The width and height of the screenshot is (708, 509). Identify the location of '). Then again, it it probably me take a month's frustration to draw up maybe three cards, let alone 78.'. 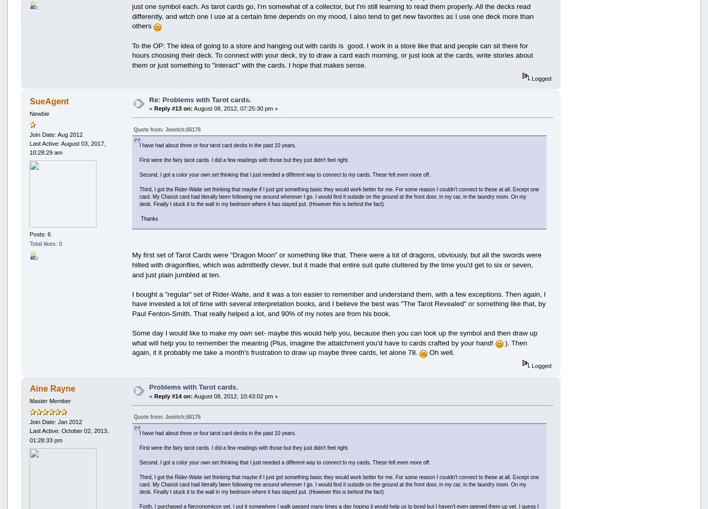
(131, 347).